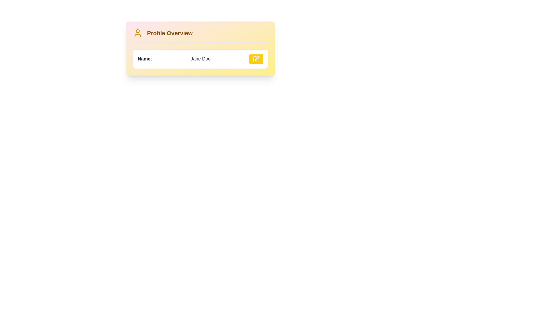 This screenshot has width=558, height=314. Describe the element at coordinates (137, 33) in the screenshot. I see `the user profile icon, which is a simple outline of a person in yellow, located on the left side of the header containing the 'Profile Overview' text` at that location.